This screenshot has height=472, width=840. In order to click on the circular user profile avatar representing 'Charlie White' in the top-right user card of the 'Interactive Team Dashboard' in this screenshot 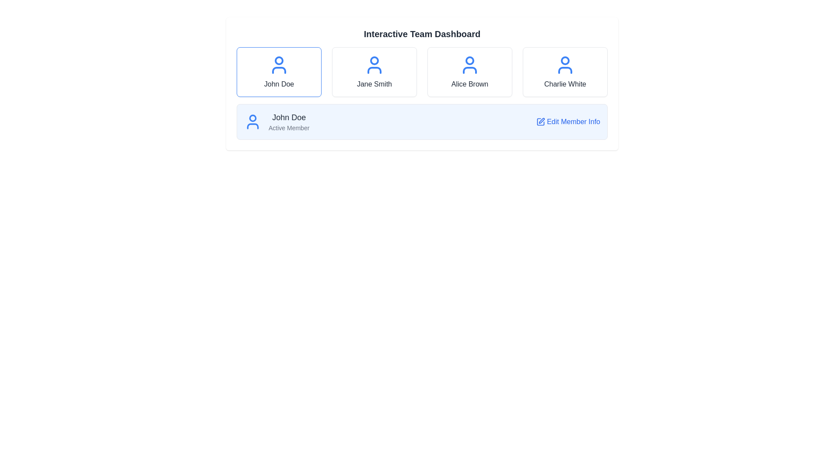, I will do `click(565, 60)`.